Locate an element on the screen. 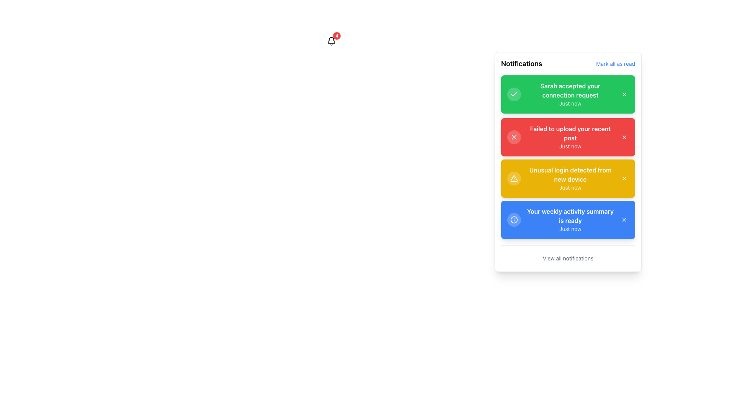  text displayed in the notification card, which shows 'Your weekly activity summary is ready' in bold and 'Just now' in smaller text, located at the bottom of the notification panel is located at coordinates (570, 220).